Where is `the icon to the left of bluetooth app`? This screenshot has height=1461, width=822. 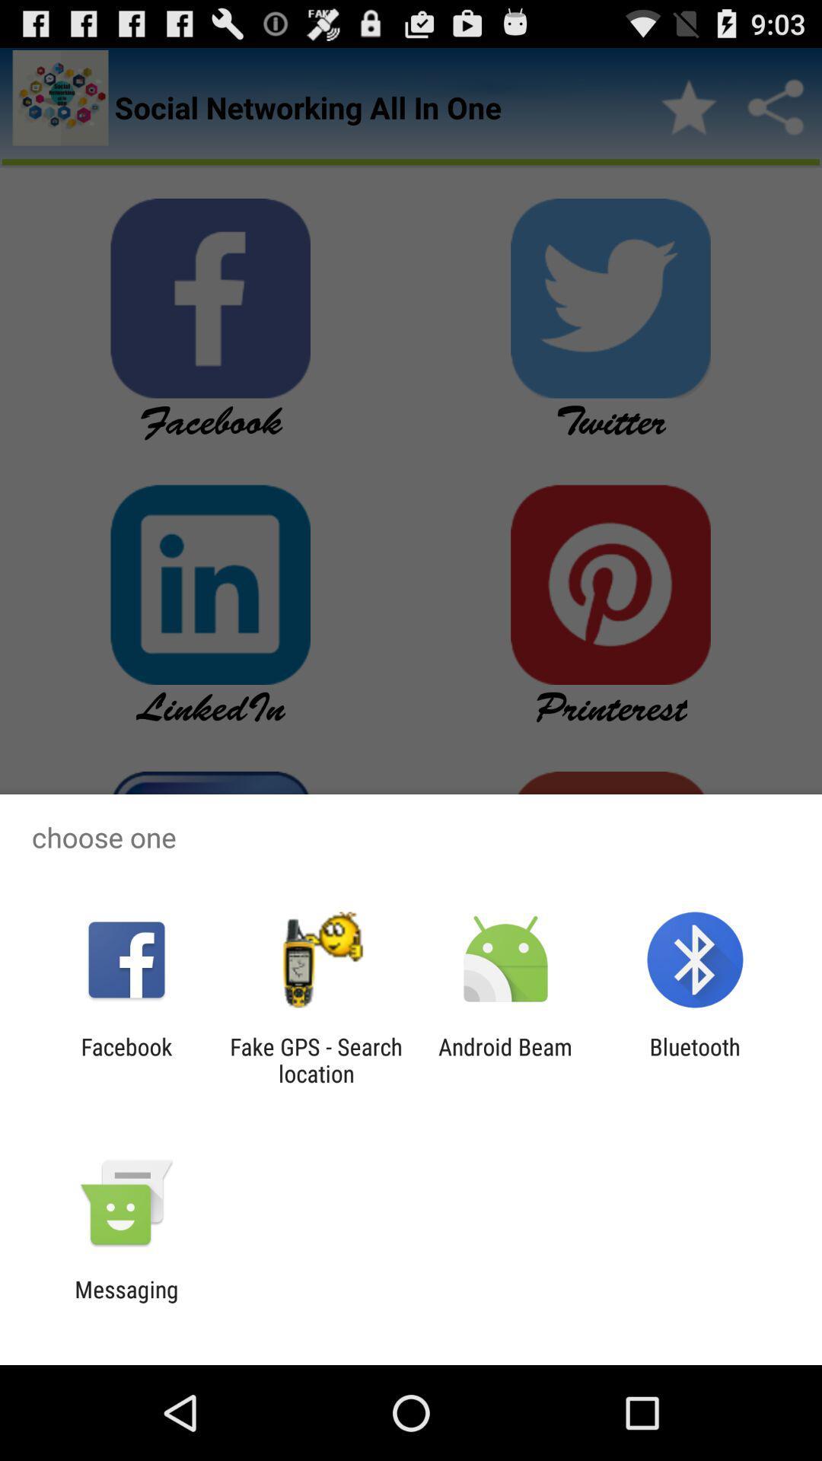
the icon to the left of bluetooth app is located at coordinates (505, 1059).